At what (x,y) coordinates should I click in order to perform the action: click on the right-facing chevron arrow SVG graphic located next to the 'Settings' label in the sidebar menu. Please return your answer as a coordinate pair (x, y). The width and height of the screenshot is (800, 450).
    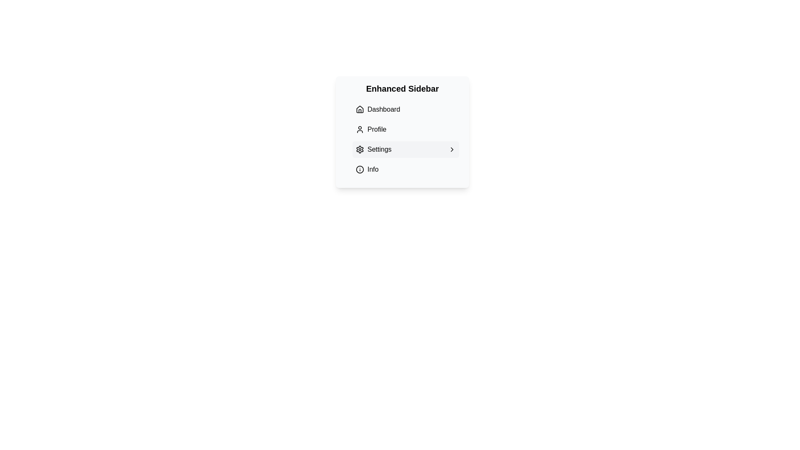
    Looking at the image, I should click on (451, 149).